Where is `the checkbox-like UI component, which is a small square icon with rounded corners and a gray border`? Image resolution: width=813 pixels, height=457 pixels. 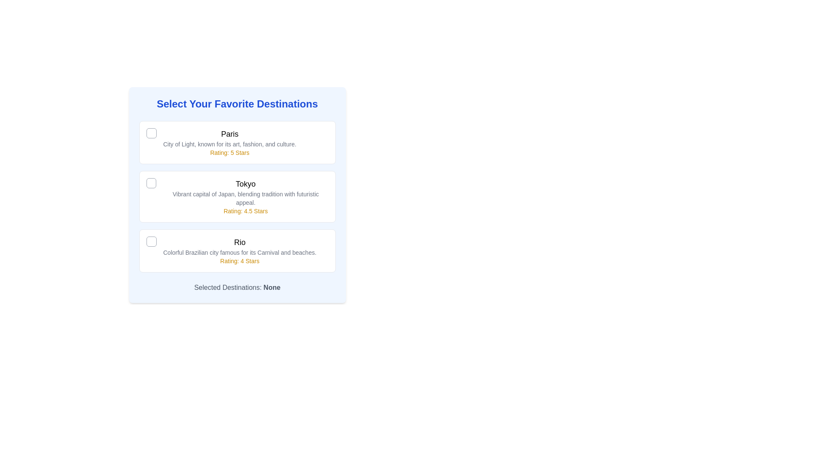 the checkbox-like UI component, which is a small square icon with rounded corners and a gray border is located at coordinates (151, 241).